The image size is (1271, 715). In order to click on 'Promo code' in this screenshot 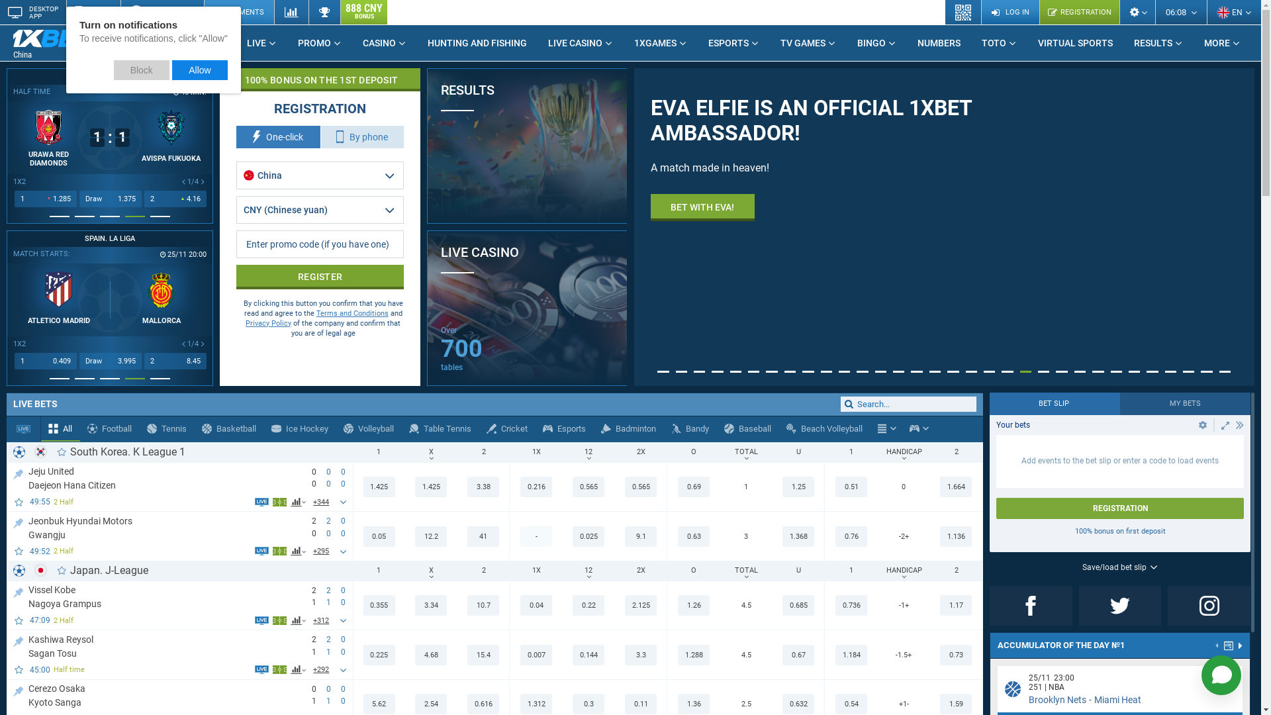, I will do `click(320, 244)`.